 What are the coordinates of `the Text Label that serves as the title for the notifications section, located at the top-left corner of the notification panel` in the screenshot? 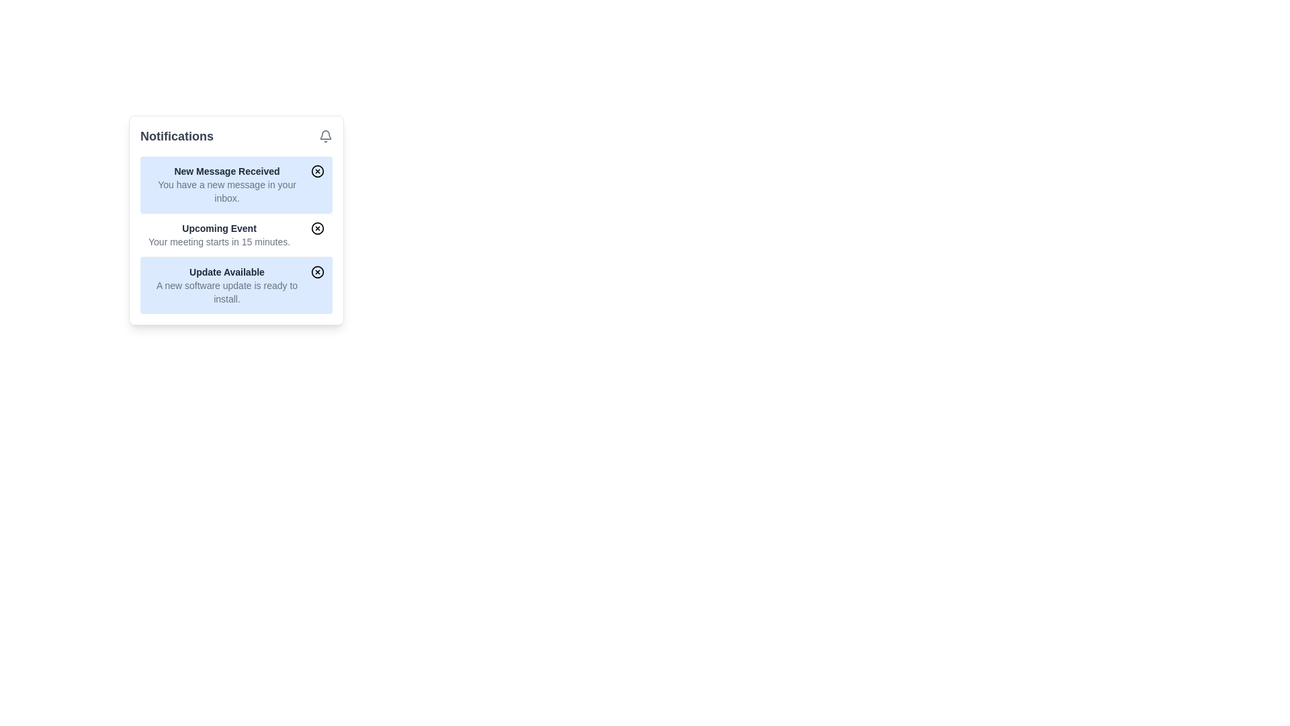 It's located at (176, 136).